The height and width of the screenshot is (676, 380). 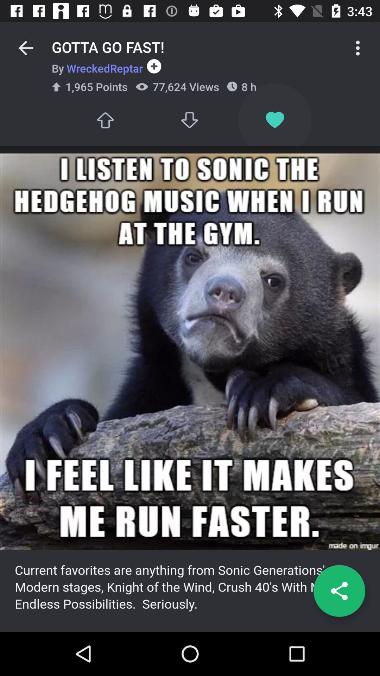 I want to click on down vote, so click(x=190, y=120).